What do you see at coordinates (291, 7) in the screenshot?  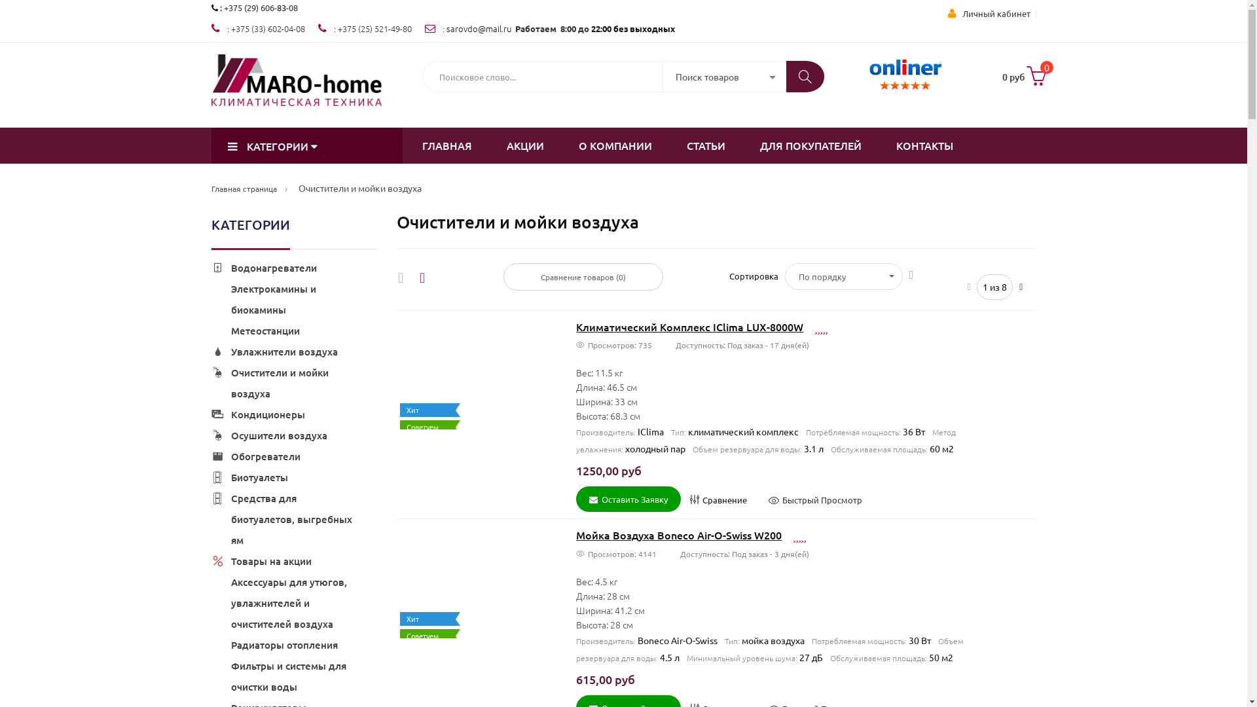 I see `'-08'` at bounding box center [291, 7].